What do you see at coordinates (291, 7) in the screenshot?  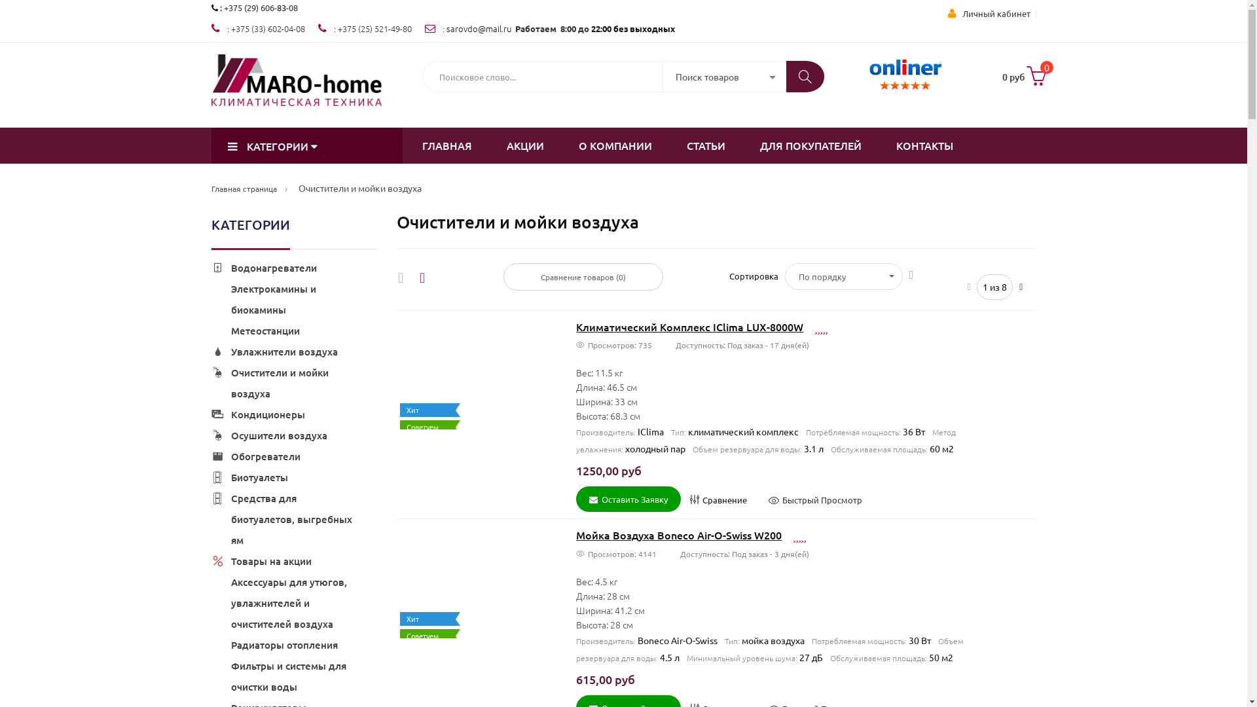 I see `'-08'` at bounding box center [291, 7].